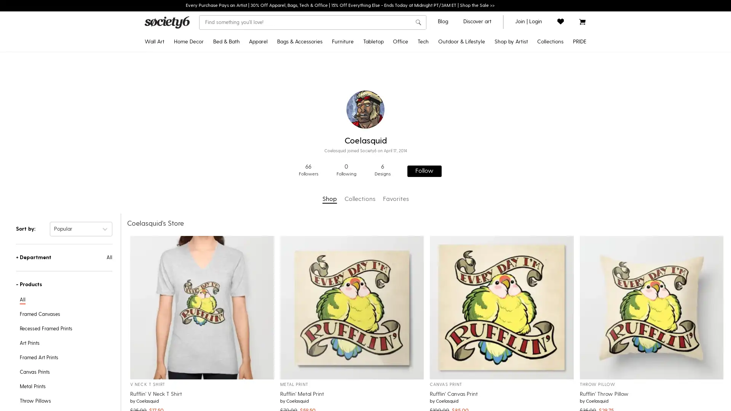  Describe the element at coordinates (282, 73) in the screenshot. I see `Crewneck Sweatshirts` at that location.